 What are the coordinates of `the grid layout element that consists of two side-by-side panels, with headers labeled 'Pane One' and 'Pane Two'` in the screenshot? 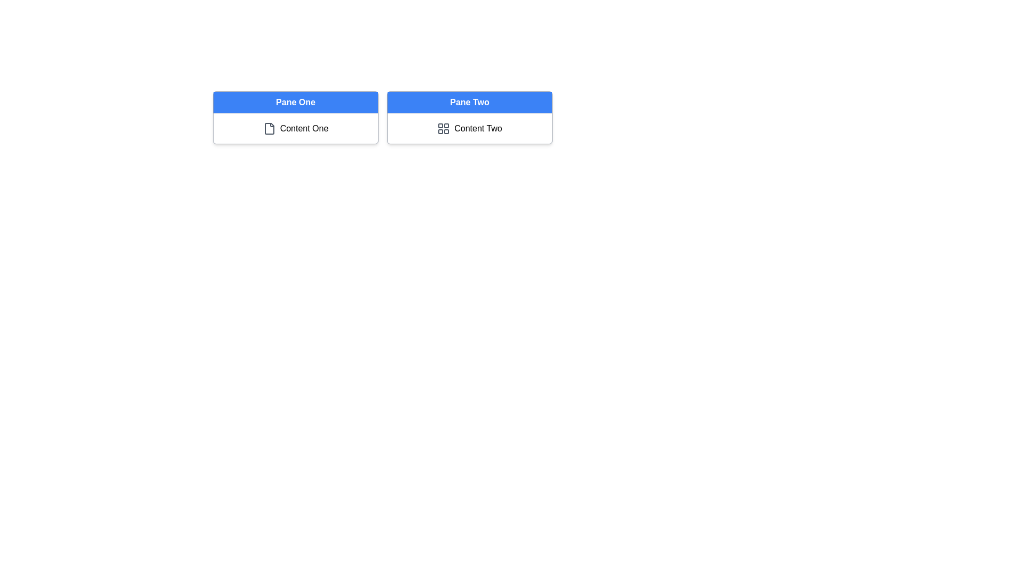 It's located at (382, 118).